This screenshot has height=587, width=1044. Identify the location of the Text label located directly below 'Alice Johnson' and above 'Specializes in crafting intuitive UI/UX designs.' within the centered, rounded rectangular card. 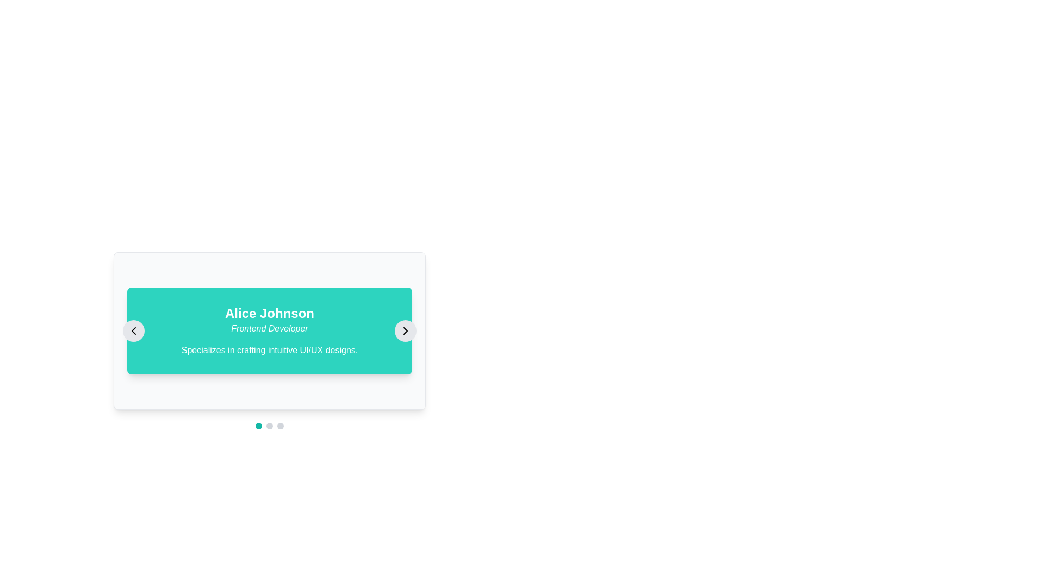
(269, 328).